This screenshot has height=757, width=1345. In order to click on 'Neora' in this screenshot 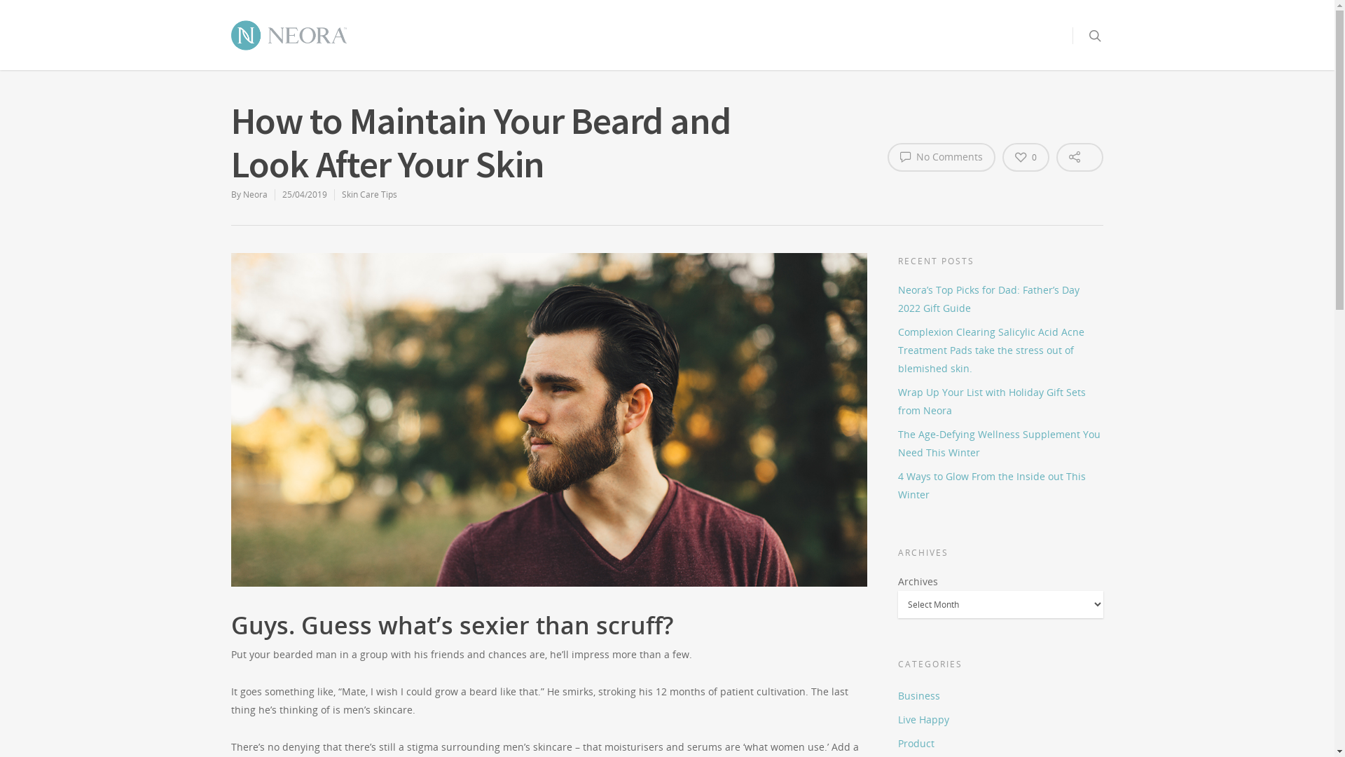, I will do `click(255, 194)`.